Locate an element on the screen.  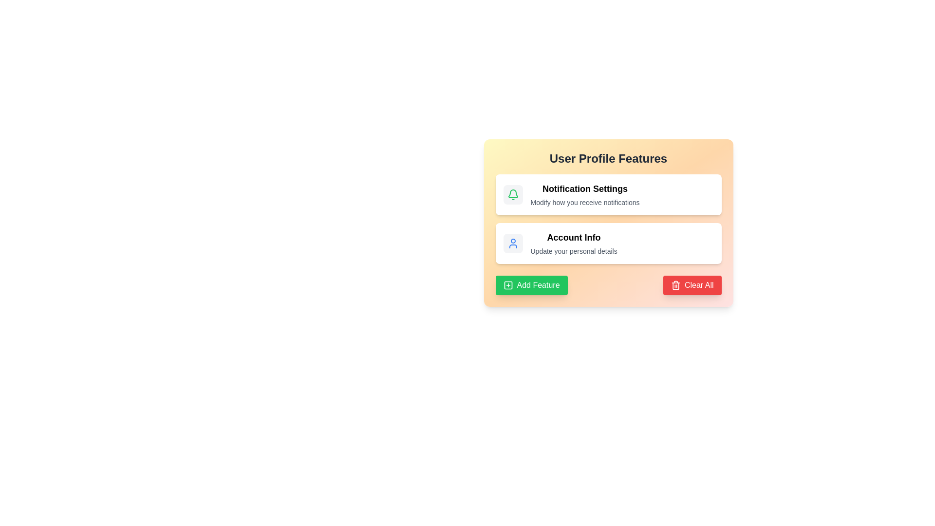
the descriptive header Label for updating user account information, which is located at the center of the user profile features card, just above the text 'Update your personal details' is located at coordinates (574, 238).